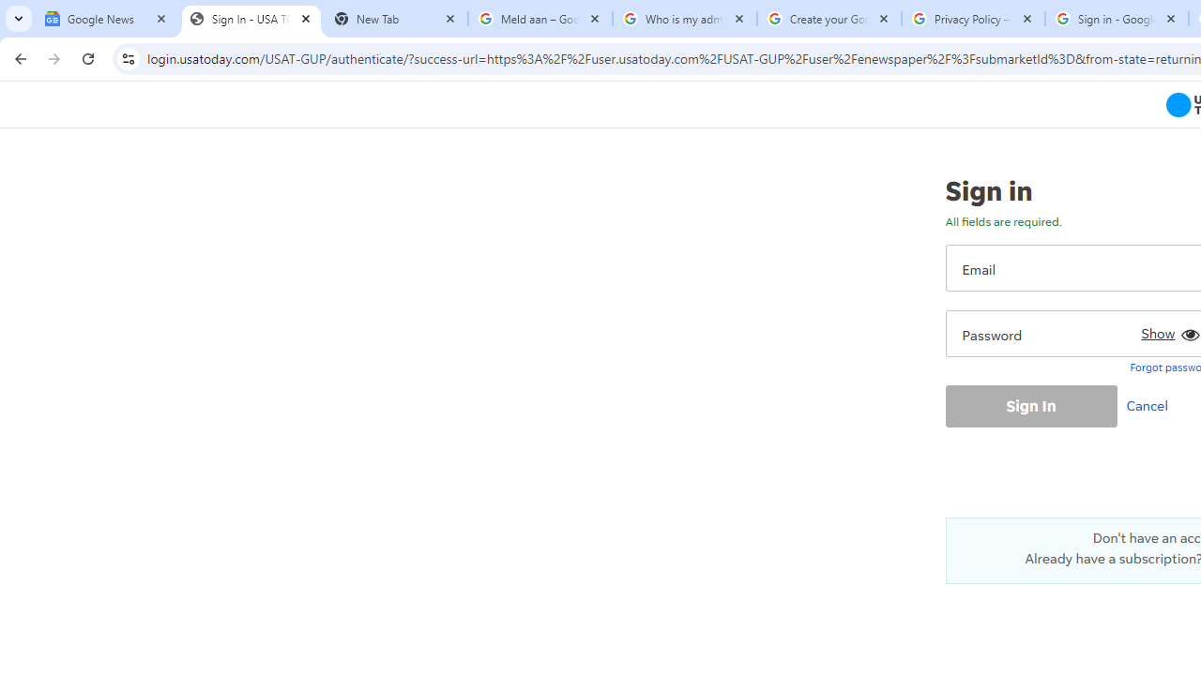 This screenshot has height=675, width=1201. Describe the element at coordinates (828, 19) in the screenshot. I see `'Create your Google Account'` at that location.